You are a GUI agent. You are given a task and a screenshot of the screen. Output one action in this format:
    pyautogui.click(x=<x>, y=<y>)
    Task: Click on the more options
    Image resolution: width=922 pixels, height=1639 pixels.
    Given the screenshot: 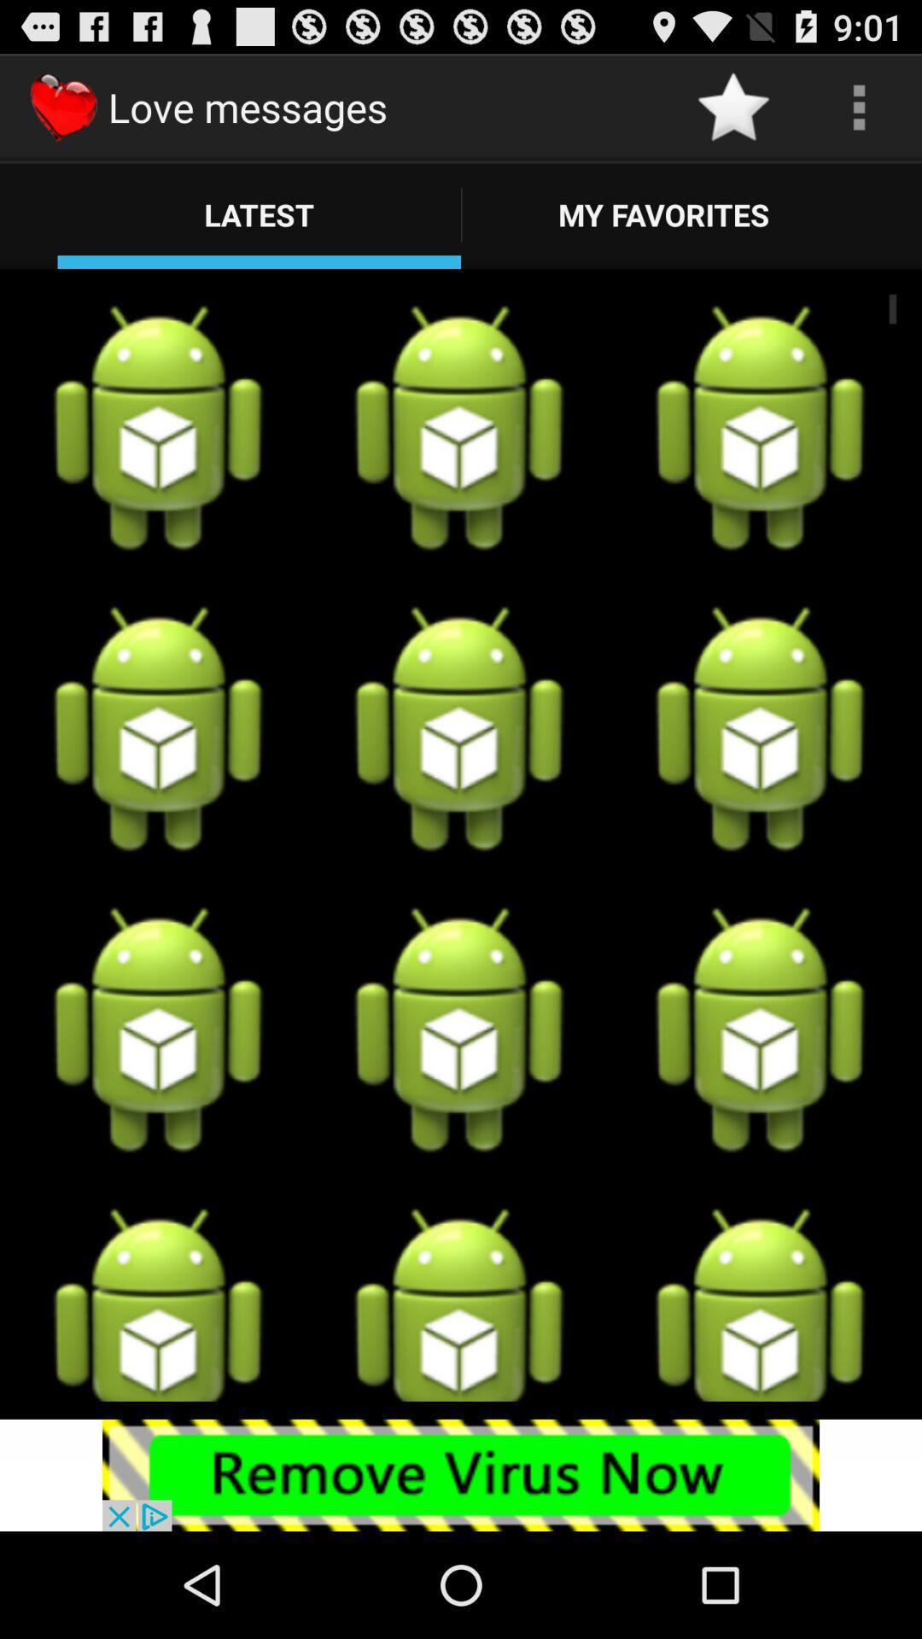 What is the action you would take?
    pyautogui.click(x=859, y=106)
    